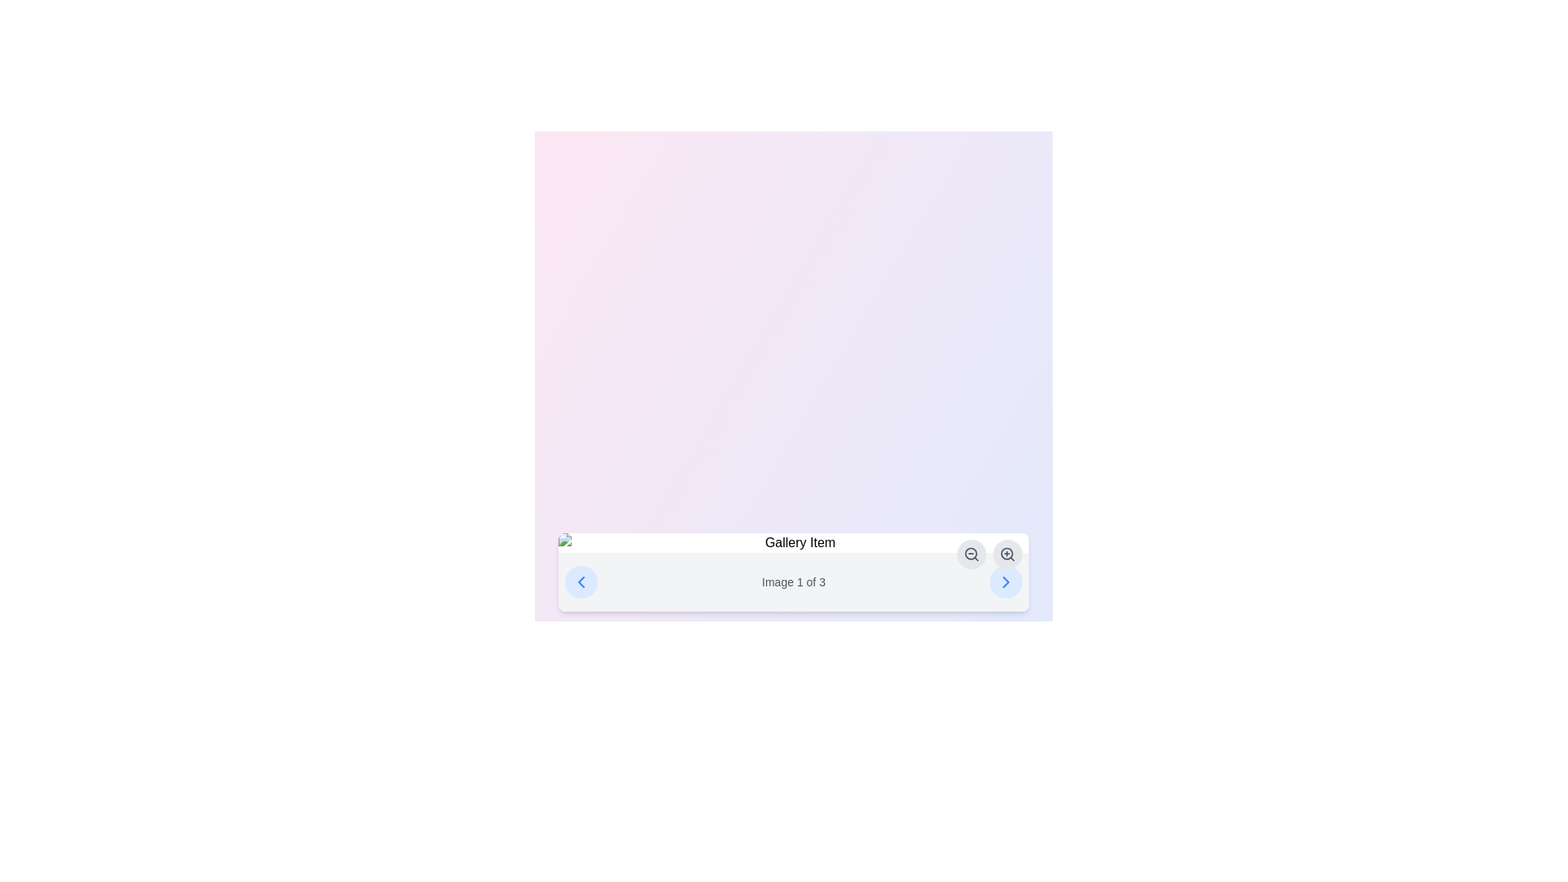  What do you see at coordinates (1005, 581) in the screenshot?
I see `the circular button with a blue background and a right-pointing arrow, located at the rightmost position among control buttons in the footer of the gallery interface` at bounding box center [1005, 581].